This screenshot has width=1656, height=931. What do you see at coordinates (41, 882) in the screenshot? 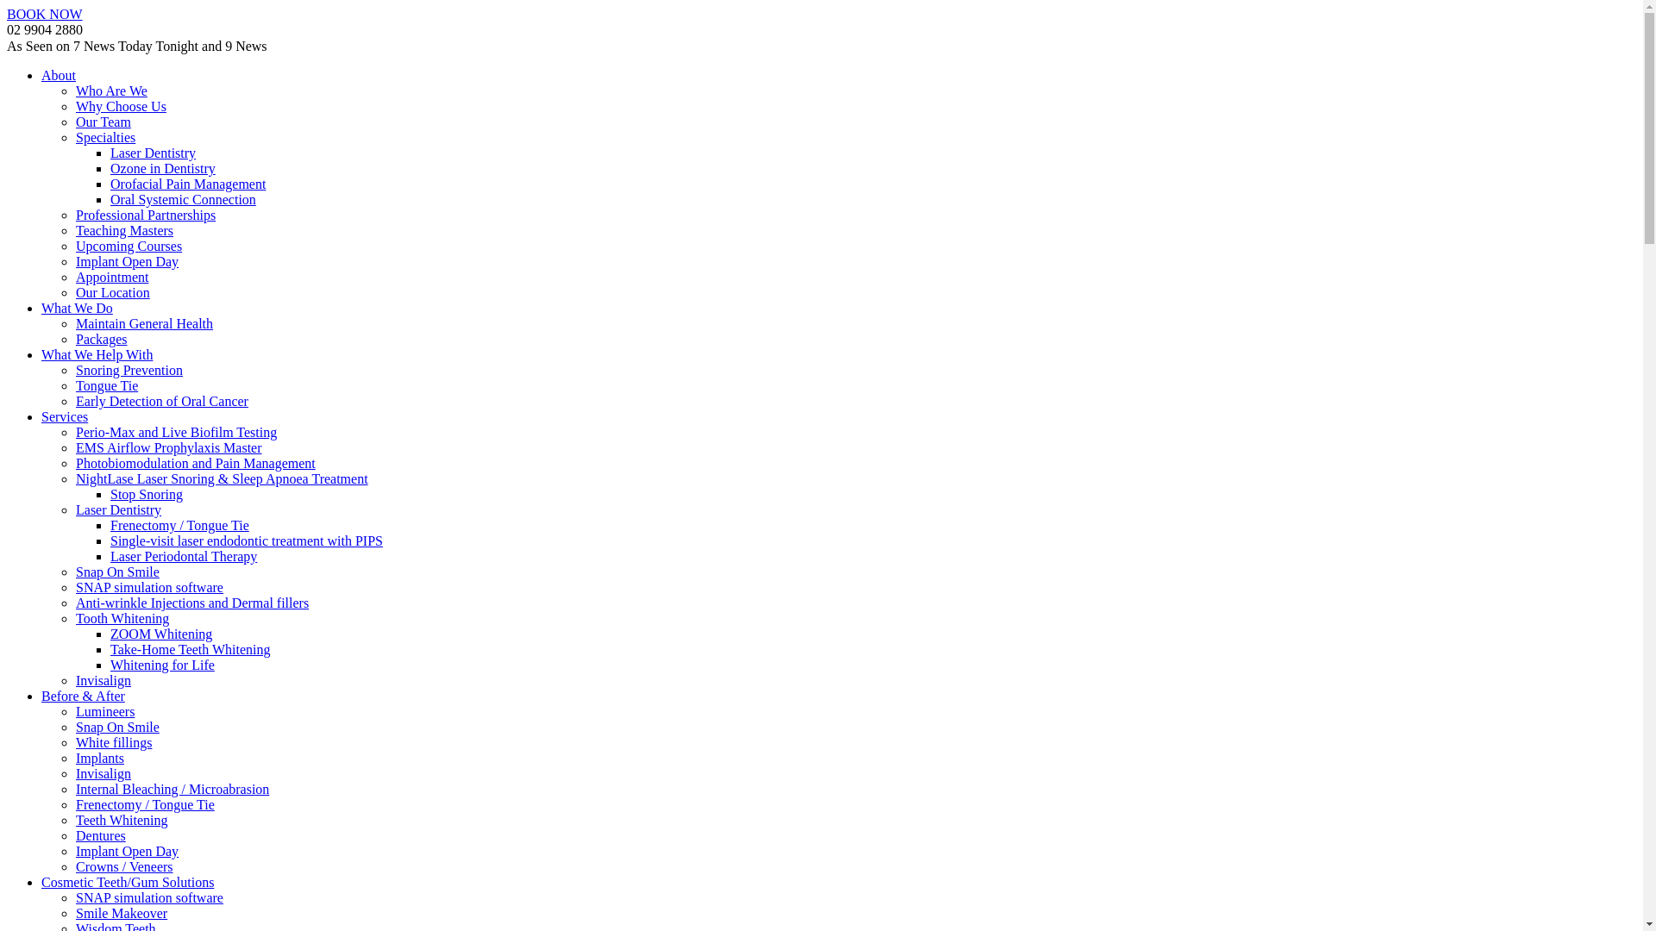
I see `'Cosmetic Teeth/Gum Solutions'` at bounding box center [41, 882].